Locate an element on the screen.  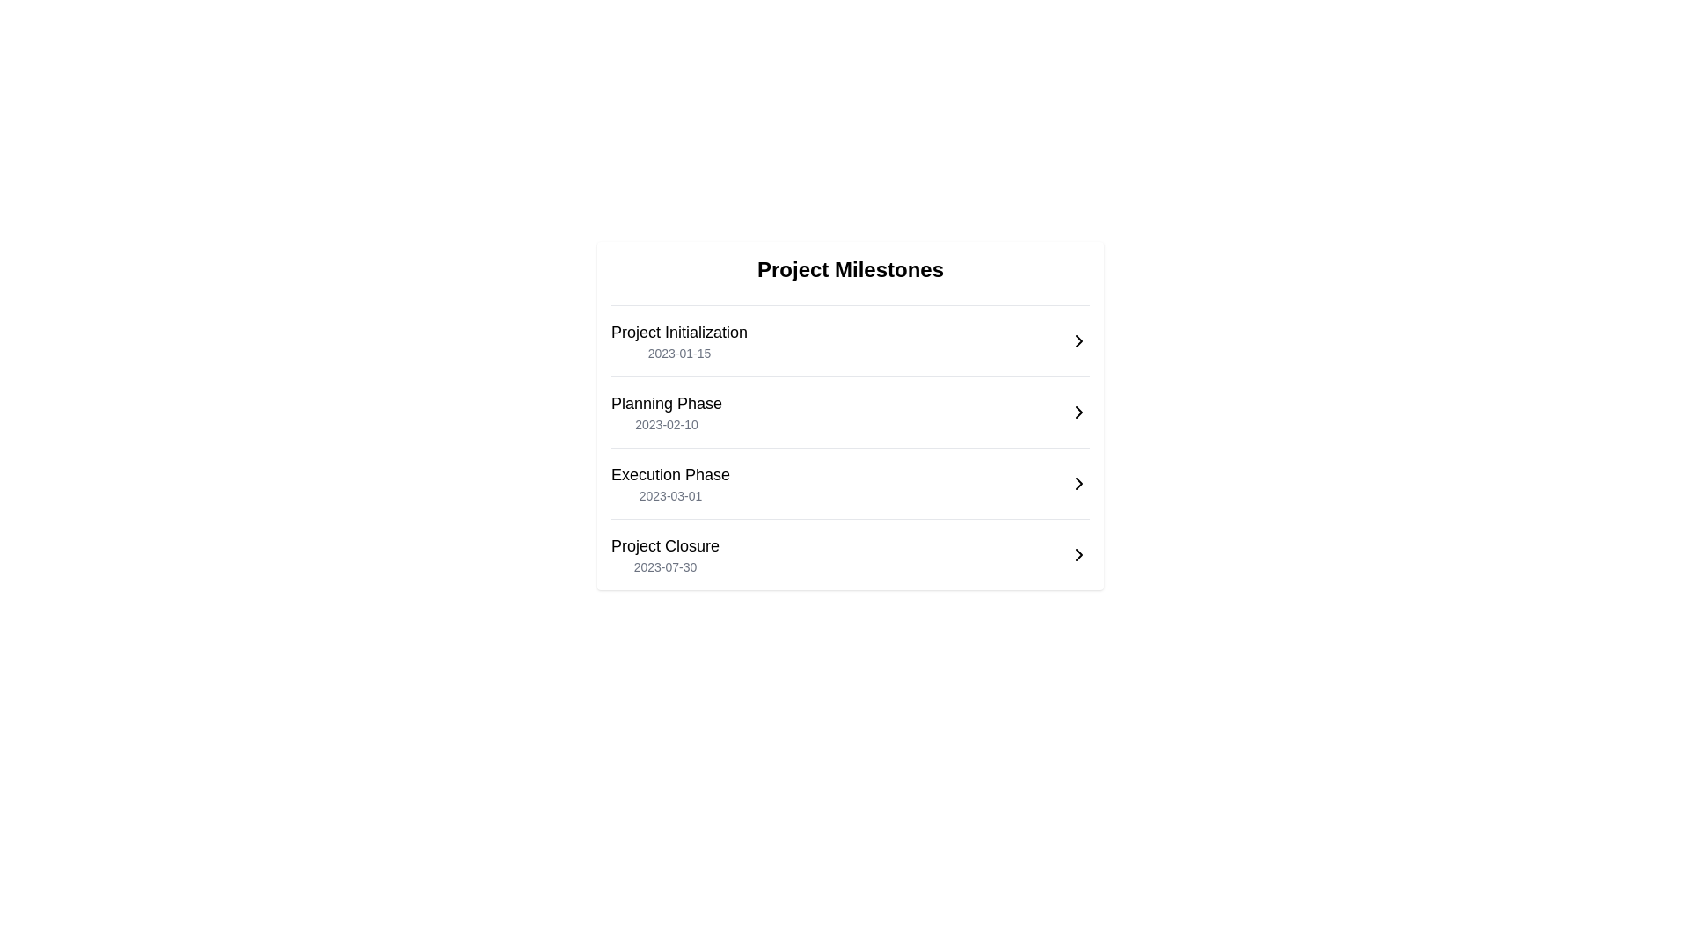
the composite text display component titled 'Execution Phase' which includes the subtext '2023-03-01', located under 'Project Milestones' is located at coordinates (669, 484).